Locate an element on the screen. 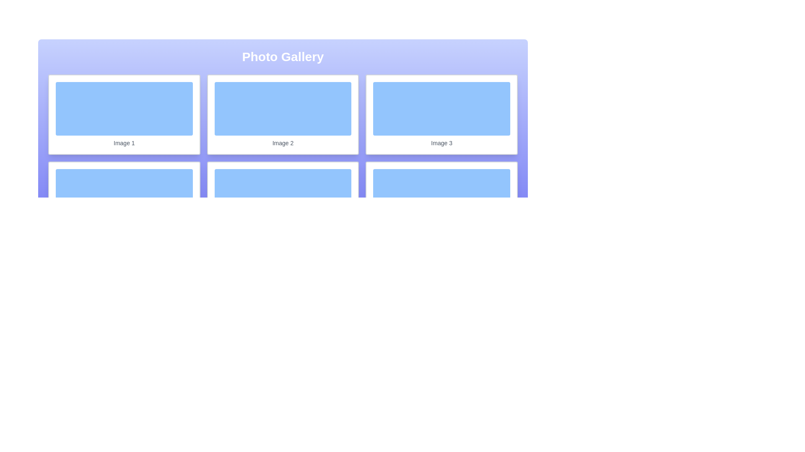 The image size is (805, 452). the sixth static display card in the grid layout, which features a white background with a blue section at the top and the label 'Image 6' in light gray font beneath it is located at coordinates (441, 202).